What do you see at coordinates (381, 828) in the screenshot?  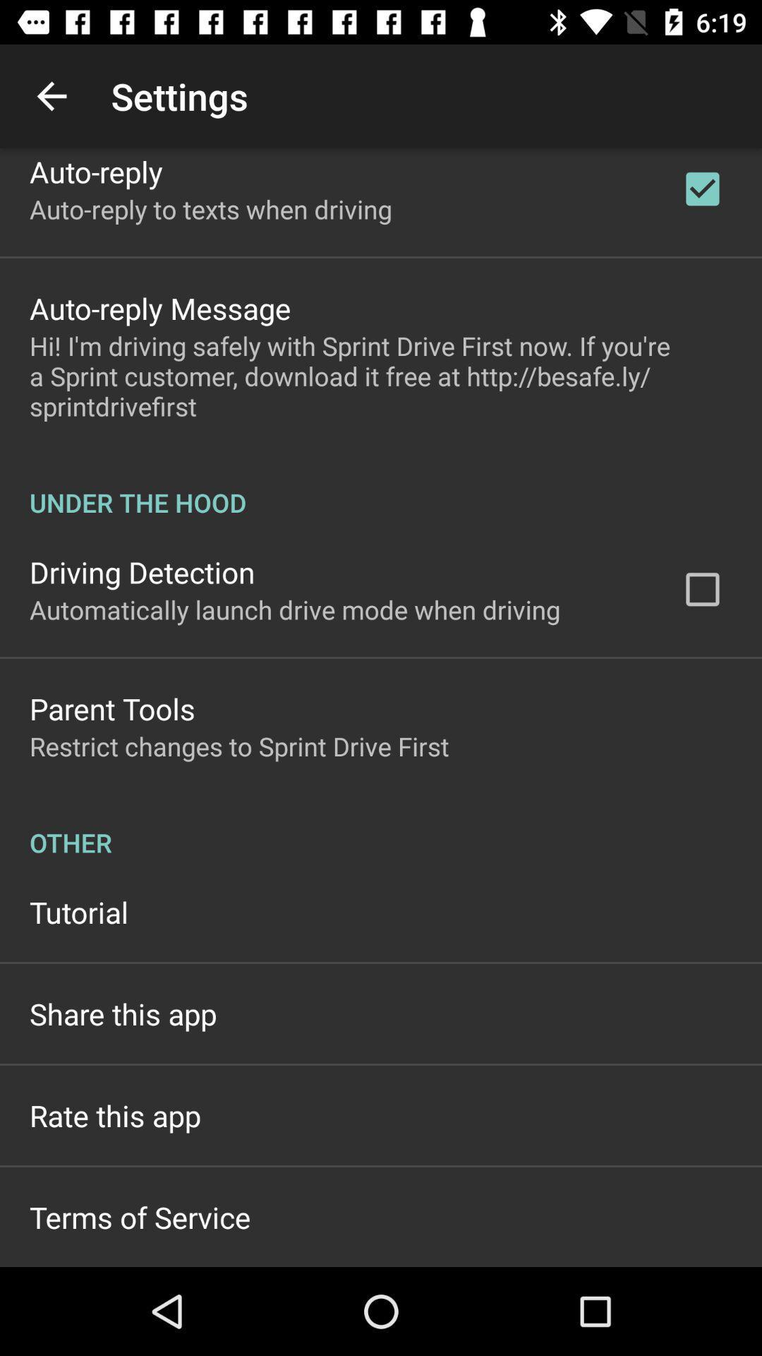 I see `the other` at bounding box center [381, 828].